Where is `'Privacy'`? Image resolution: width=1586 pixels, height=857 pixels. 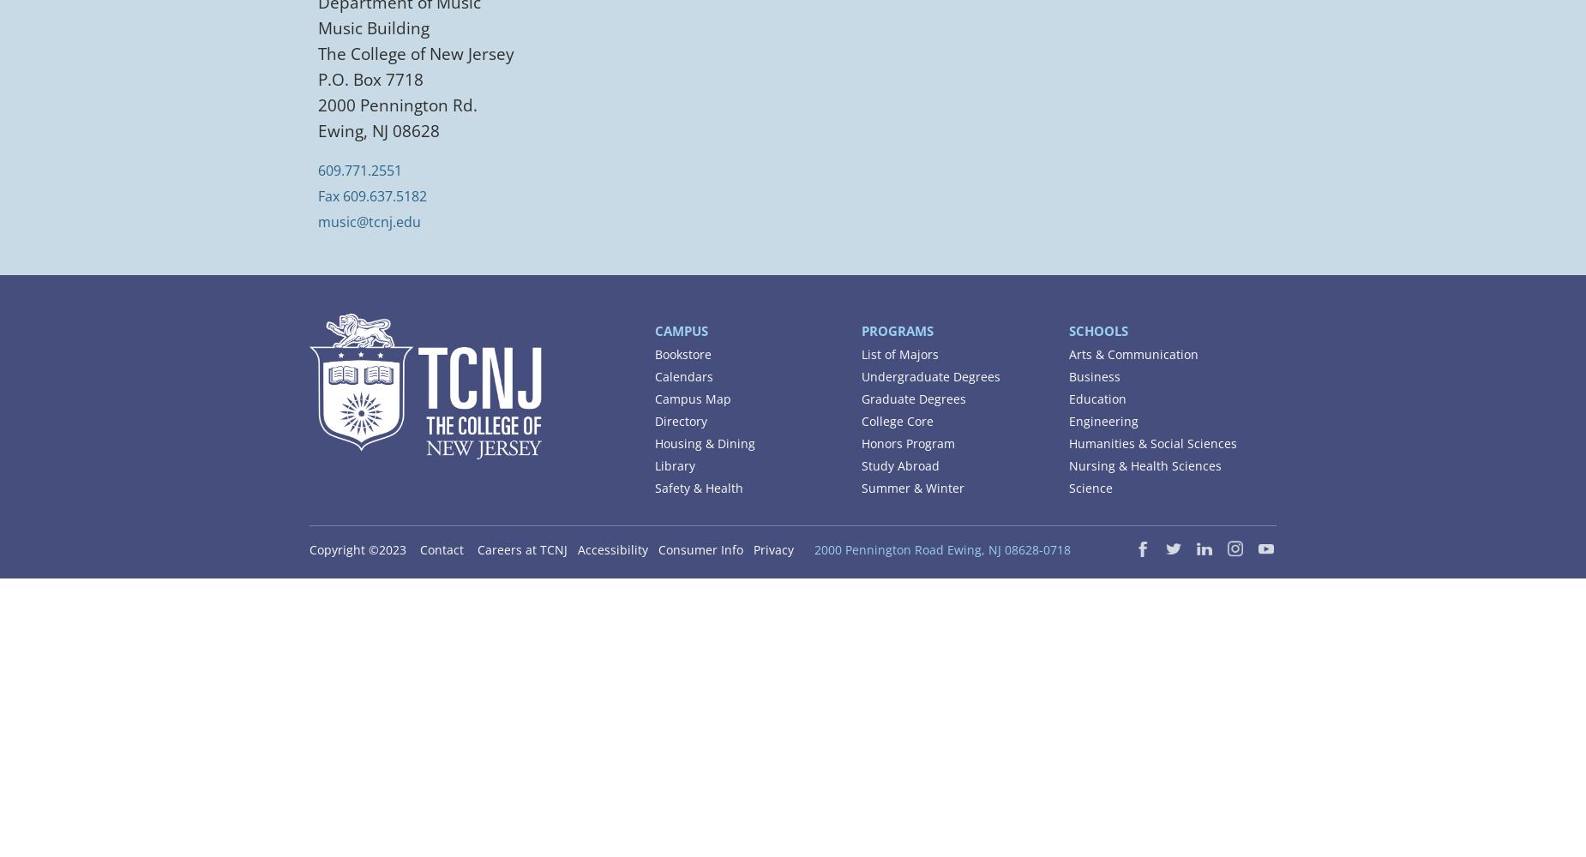
'Privacy' is located at coordinates (753, 549).